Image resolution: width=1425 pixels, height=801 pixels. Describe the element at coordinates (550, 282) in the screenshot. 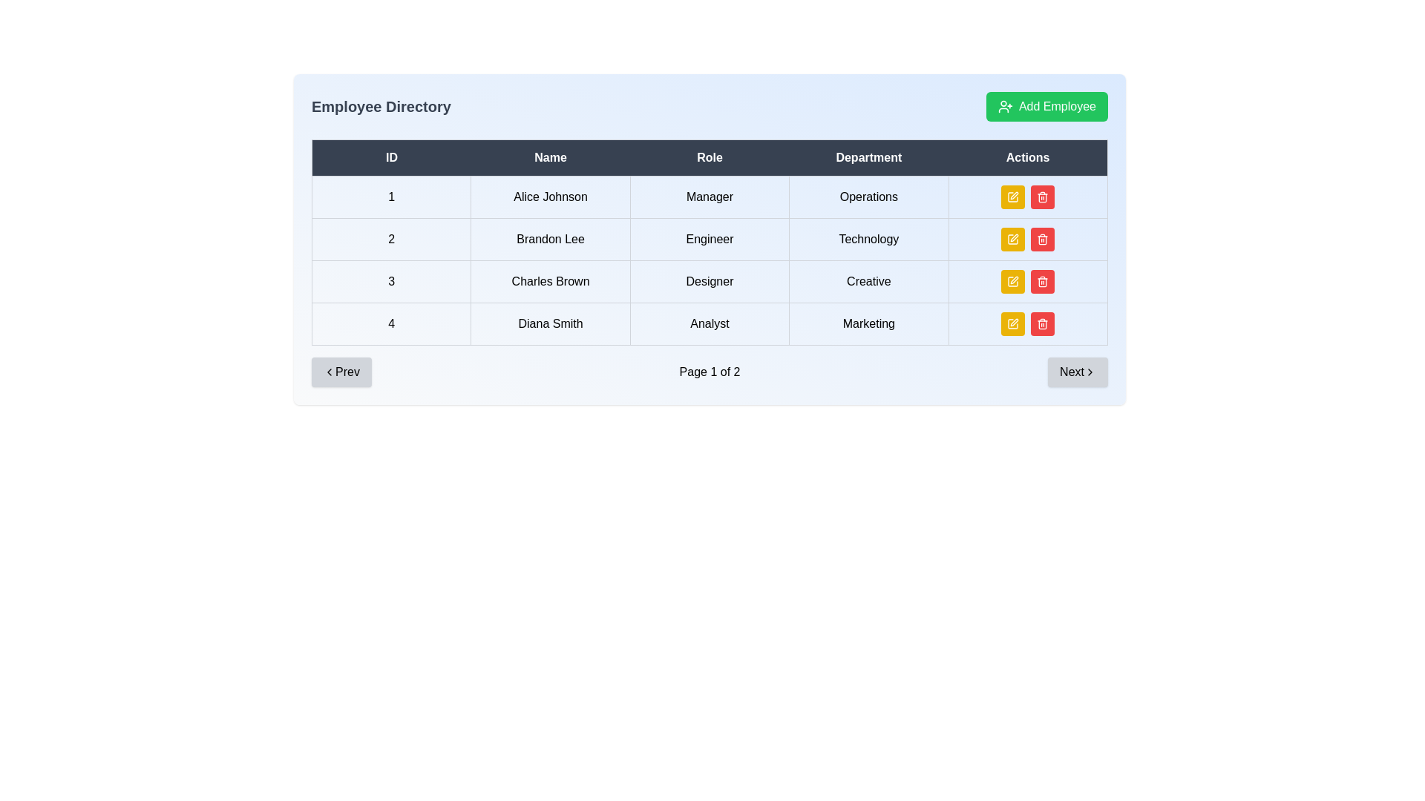

I see `the text label displaying 'Charles Brown' located in the second column of the third row of the table under the 'Name' header` at that location.